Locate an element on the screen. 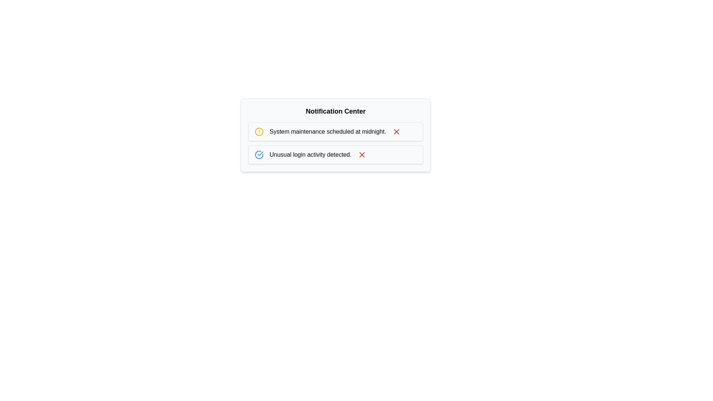 This screenshot has height=401, width=713. the close button SVG icon located in the rightmost part of the notification panel is located at coordinates (362, 154).